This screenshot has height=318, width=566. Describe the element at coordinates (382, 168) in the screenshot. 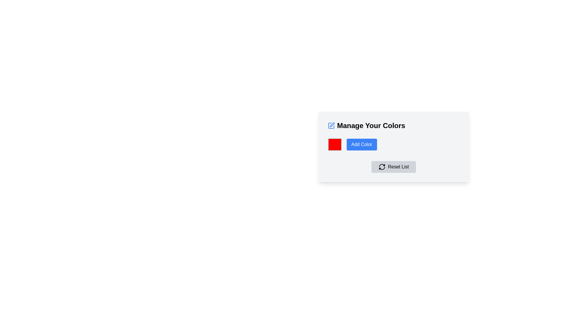

I see `the lower left curving part of the circular arrow icon, which represents the refresh functionality, located to the right of the 'Reset List' button` at that location.